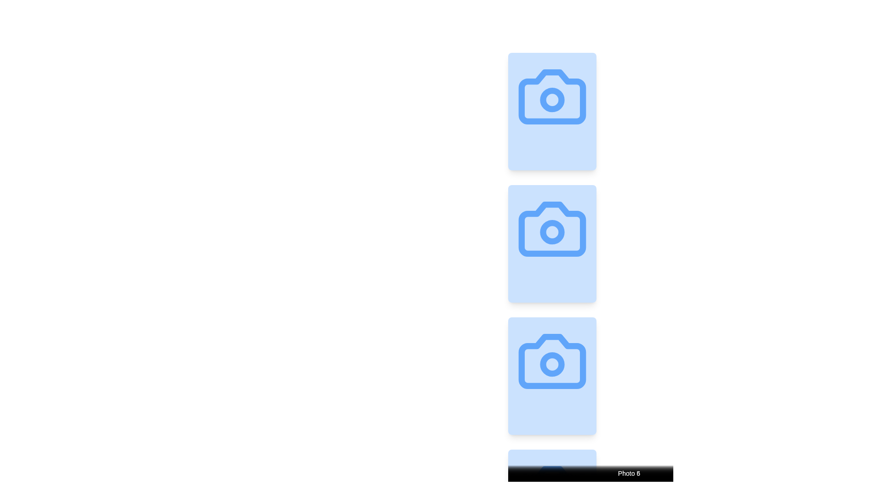 The width and height of the screenshot is (883, 496). I want to click on the camera icon element, which is the second in a column of three identical camera icons, outlined in blue on a light blue background, so click(552, 228).